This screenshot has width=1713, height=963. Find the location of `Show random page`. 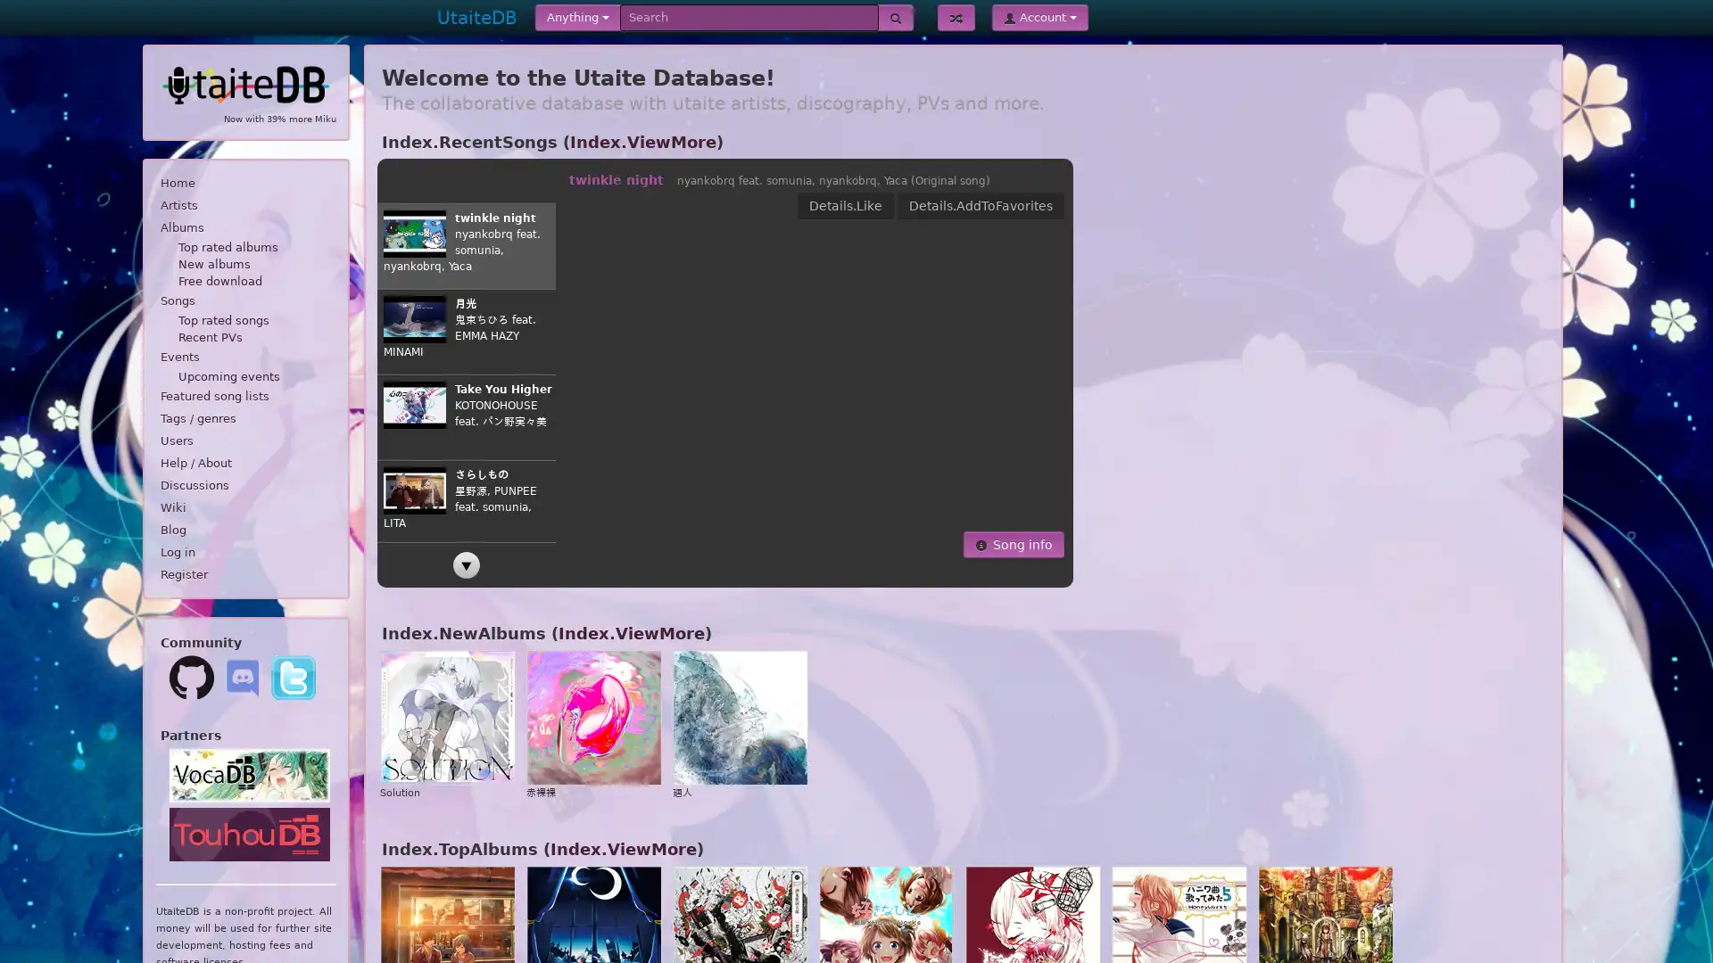

Show random page is located at coordinates (955, 17).